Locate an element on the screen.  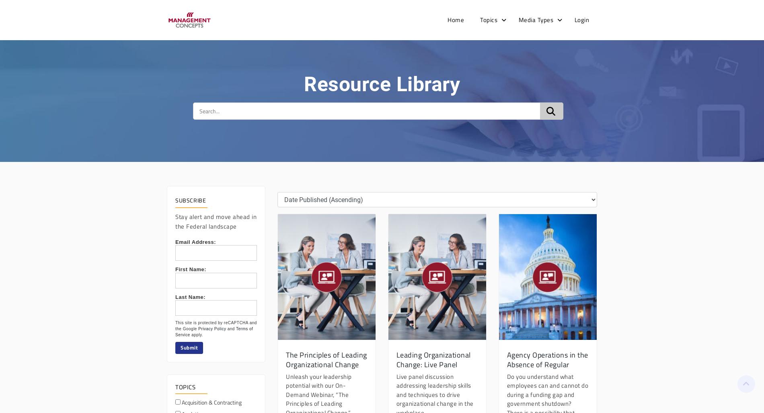
'Whitepapers' is located at coordinates (535, 160).